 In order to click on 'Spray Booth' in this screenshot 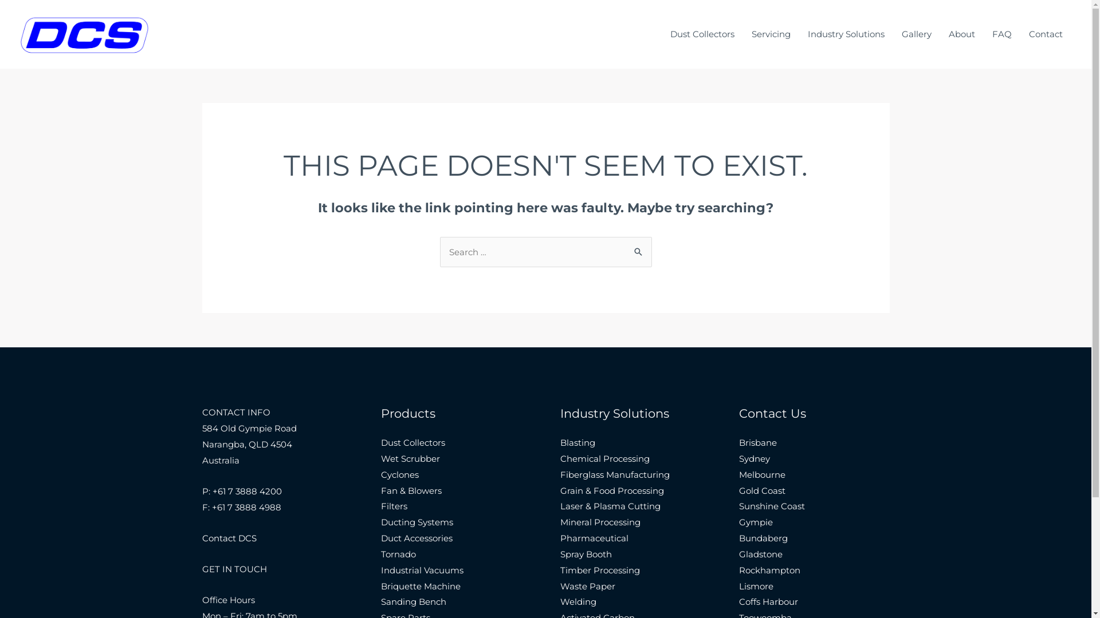, I will do `click(586, 553)`.